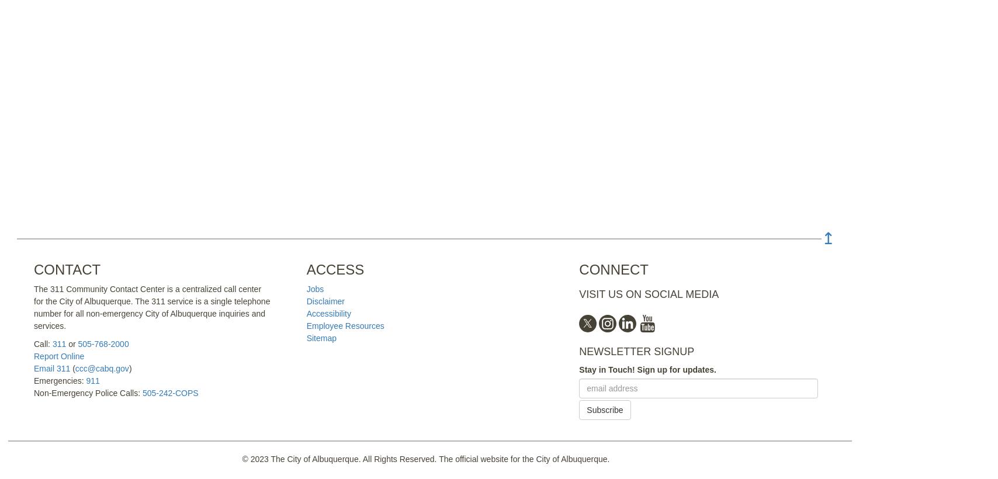 This screenshot has height=479, width=998. What do you see at coordinates (102, 367) in the screenshot?
I see `'ccc@cabq.gov'` at bounding box center [102, 367].